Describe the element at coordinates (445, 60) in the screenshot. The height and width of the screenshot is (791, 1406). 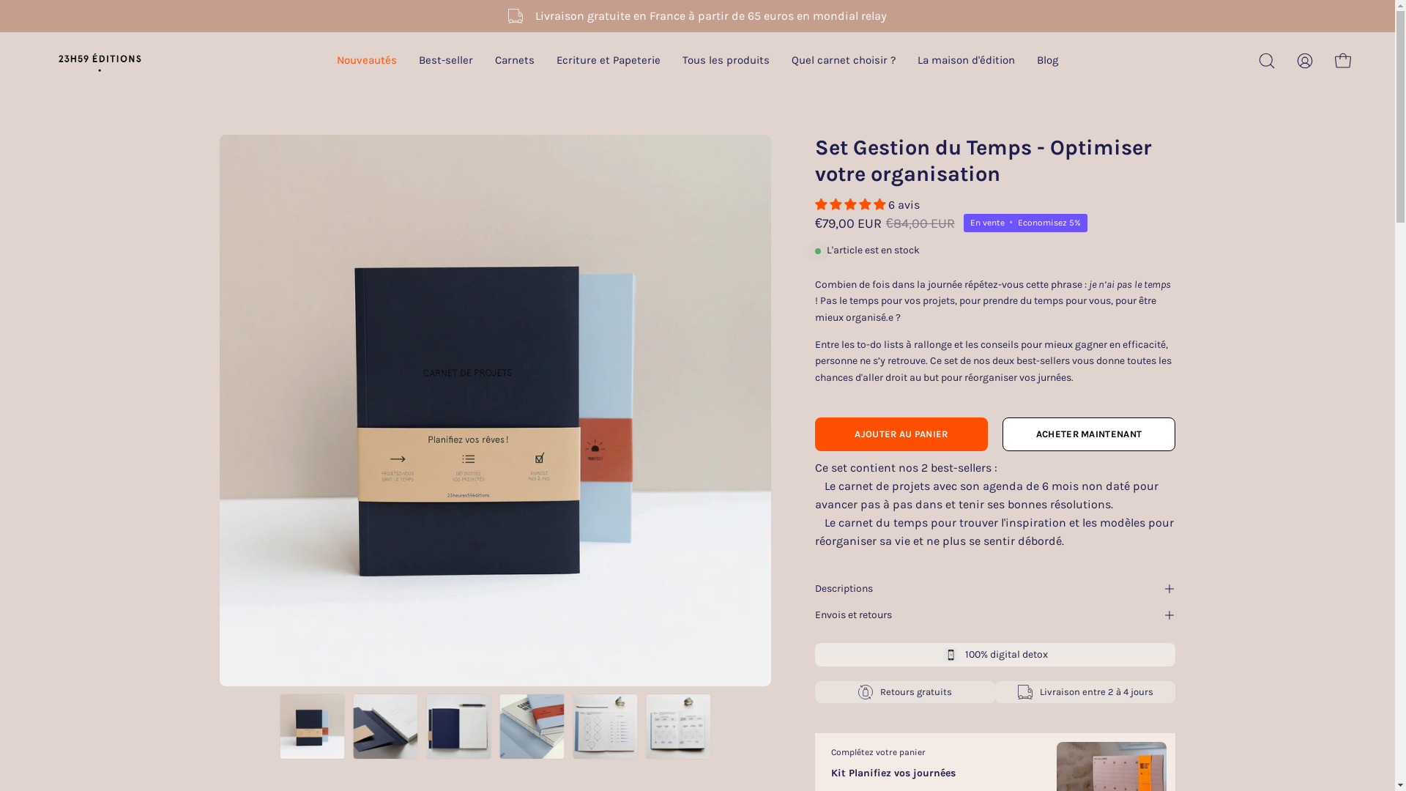
I see `'Best-seller'` at that location.